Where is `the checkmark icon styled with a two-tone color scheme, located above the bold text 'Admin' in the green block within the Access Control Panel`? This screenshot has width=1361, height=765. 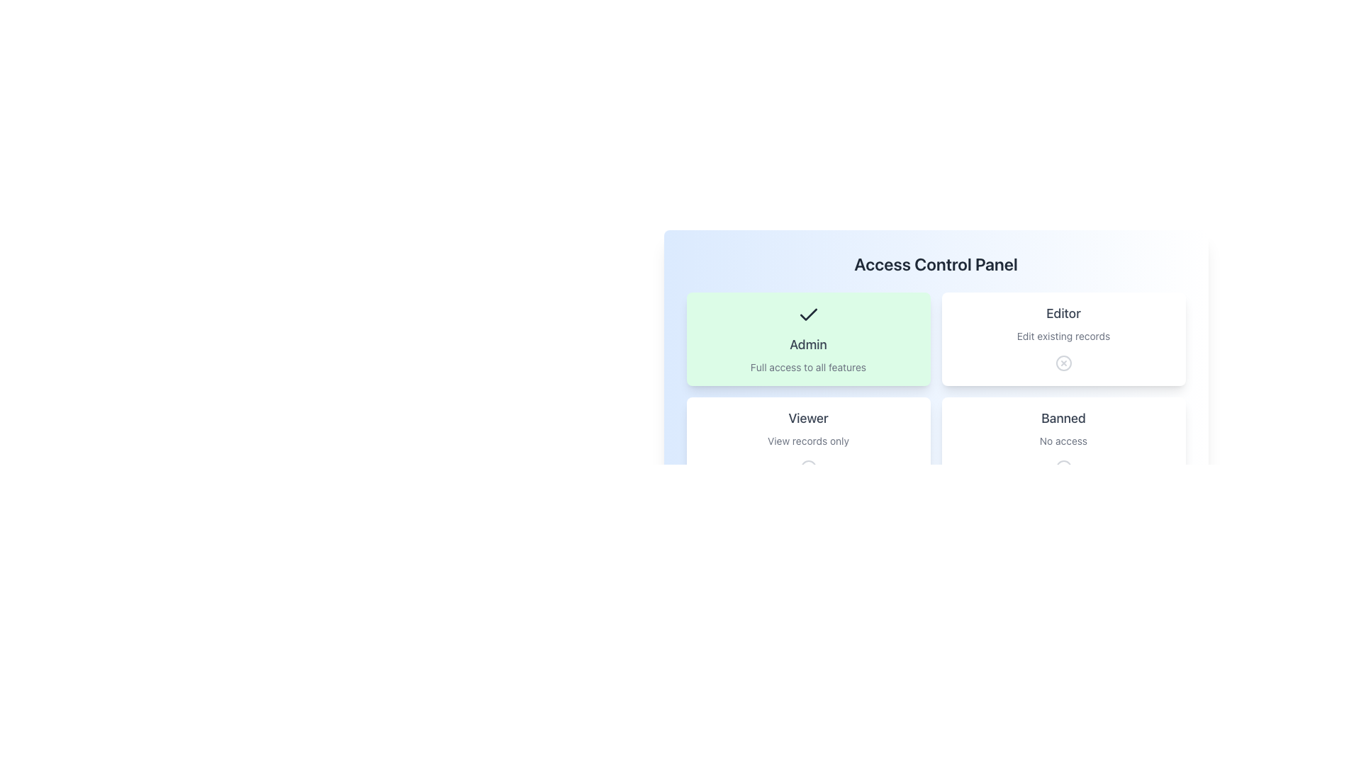
the checkmark icon styled with a two-tone color scheme, located above the bold text 'Admin' in the green block within the Access Control Panel is located at coordinates (808, 314).